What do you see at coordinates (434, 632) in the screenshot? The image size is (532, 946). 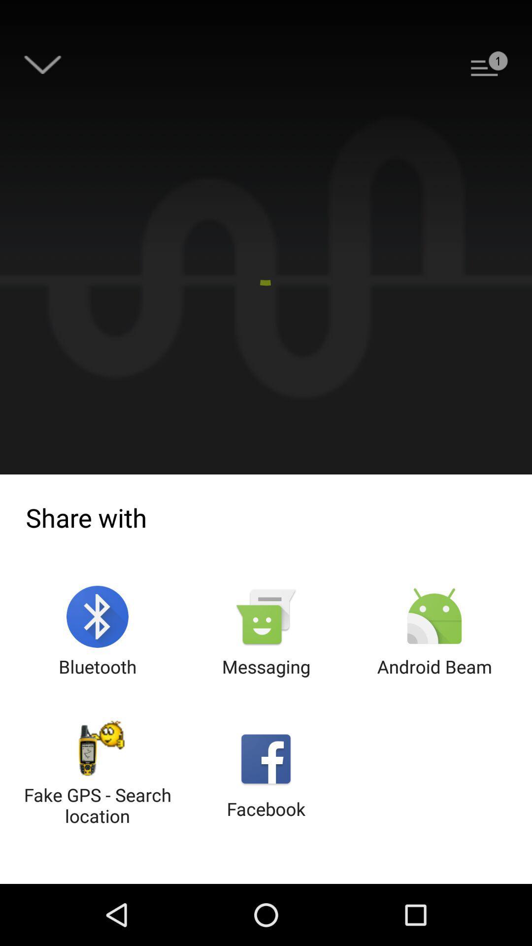 I see `android beam at the bottom right corner` at bounding box center [434, 632].